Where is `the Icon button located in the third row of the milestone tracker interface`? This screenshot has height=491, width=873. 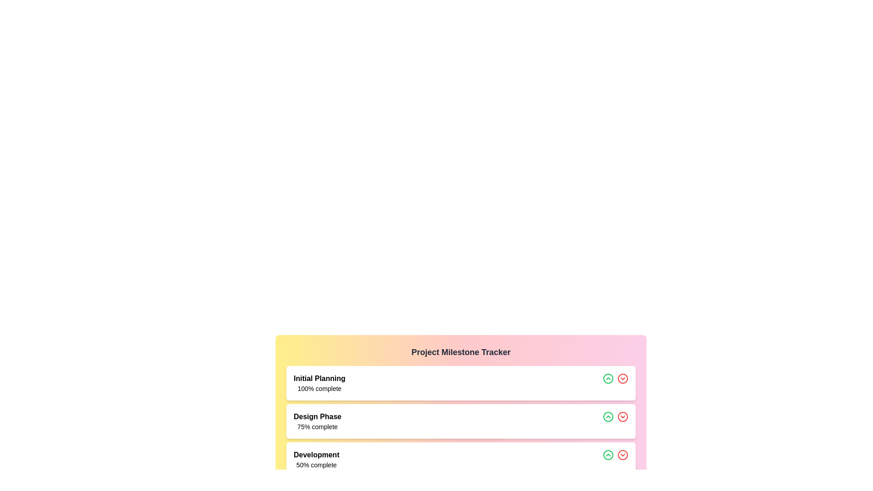 the Icon button located in the third row of the milestone tracker interface is located at coordinates (622, 417).